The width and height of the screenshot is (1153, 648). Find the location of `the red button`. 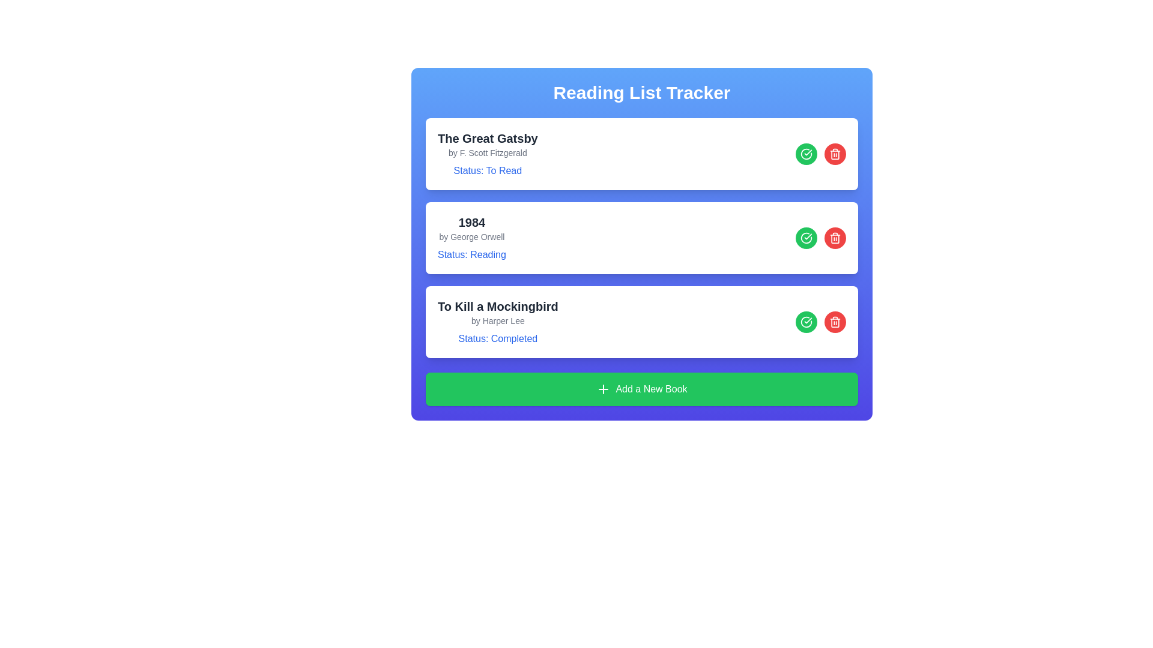

the red button is located at coordinates (641, 238).